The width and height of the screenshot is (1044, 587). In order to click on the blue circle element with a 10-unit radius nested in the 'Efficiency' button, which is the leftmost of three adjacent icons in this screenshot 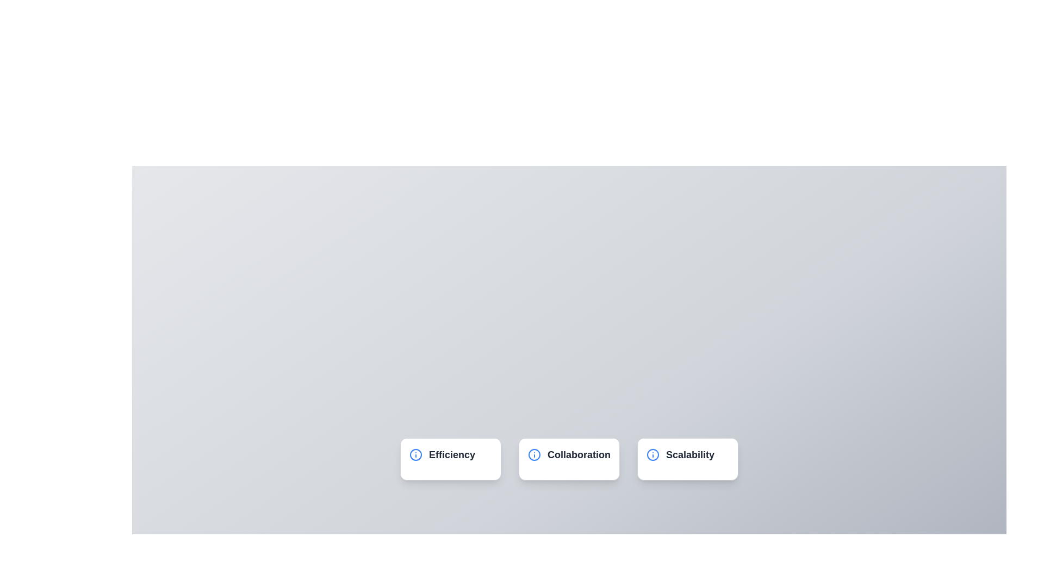, I will do `click(415, 455)`.